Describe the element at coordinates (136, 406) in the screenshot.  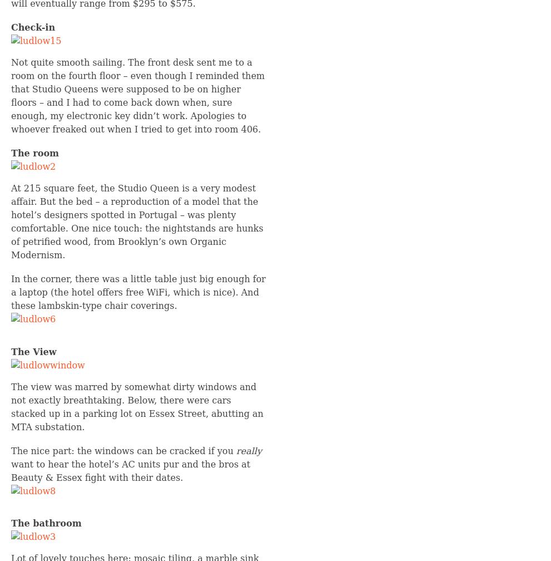
I see `'The view was marred by somewhat dirty windows and not exactly breathtaking. Below, there were cars stacked up in a parking lot on Essex Street, abutting an MTA substation.'` at that location.